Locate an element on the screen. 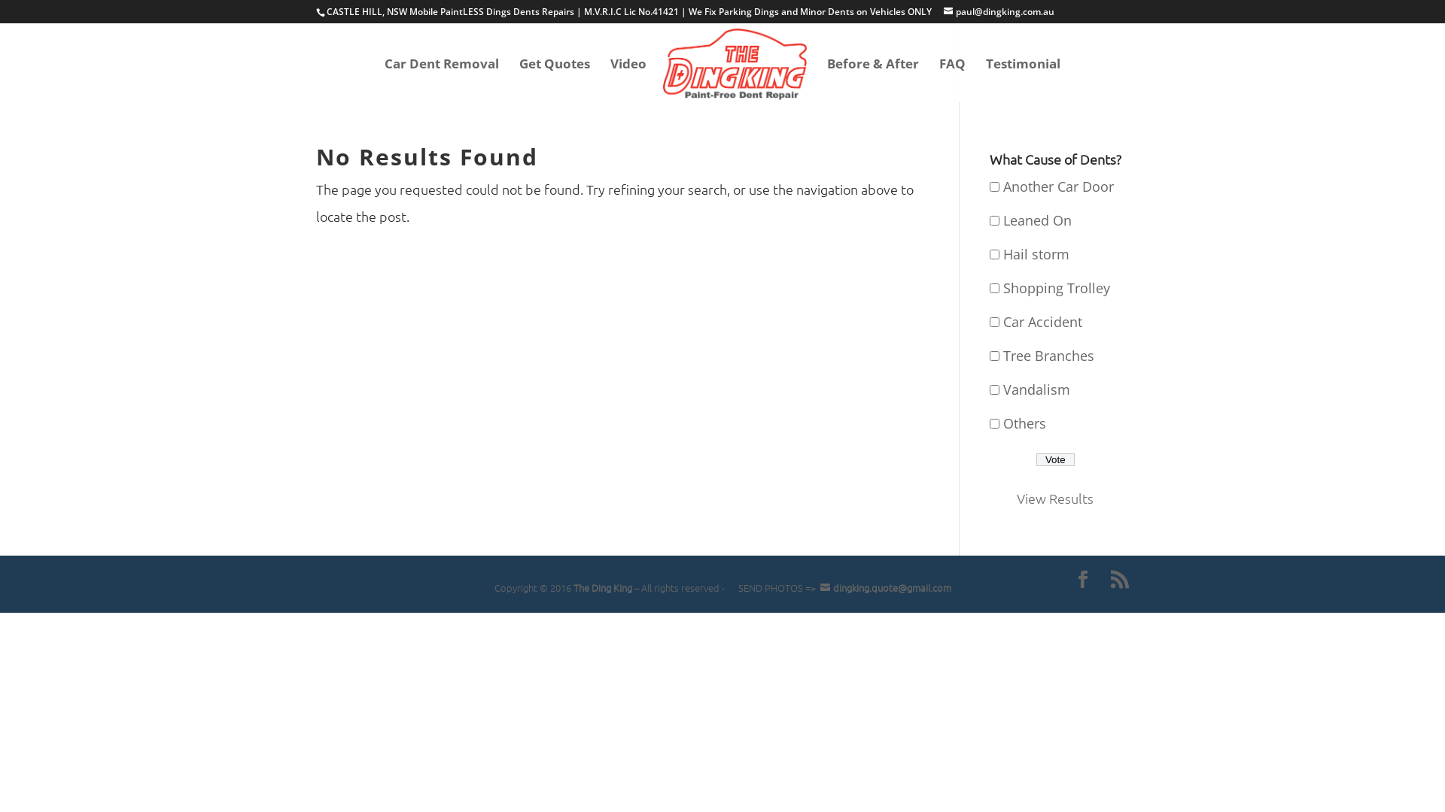  'paul@dingking.com.au' is located at coordinates (999, 11).